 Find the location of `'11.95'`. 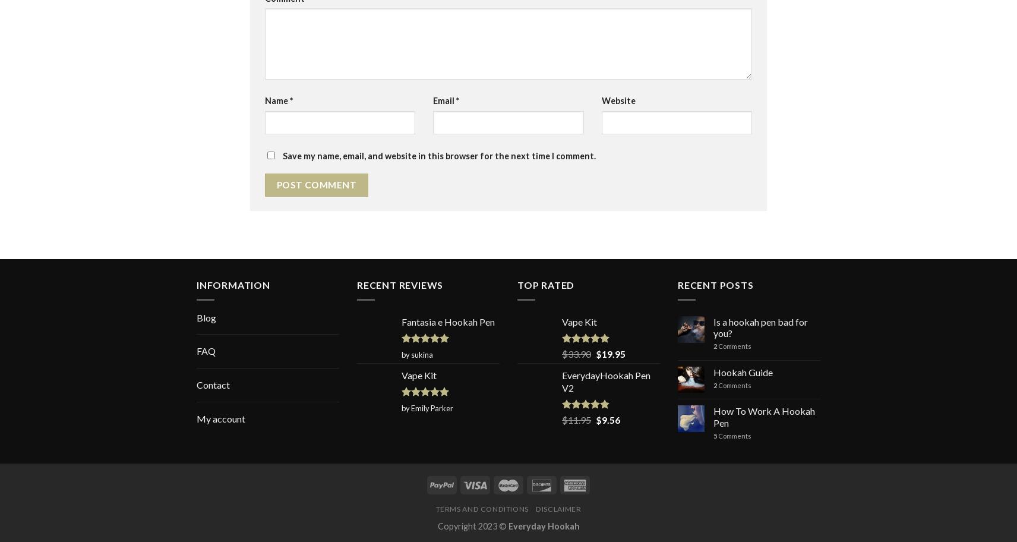

'11.95' is located at coordinates (579, 419).